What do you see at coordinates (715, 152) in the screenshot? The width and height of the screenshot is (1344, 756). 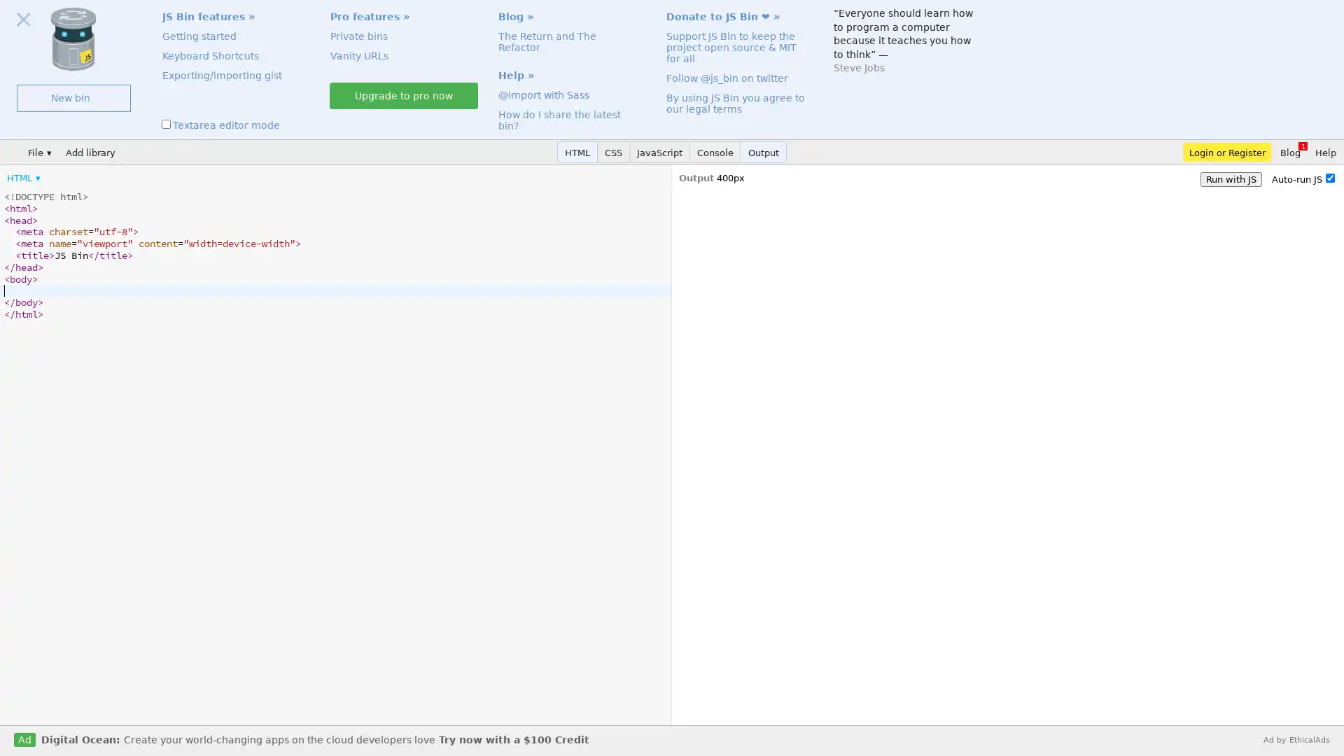 I see `Console Panel: Inactive` at bounding box center [715, 152].